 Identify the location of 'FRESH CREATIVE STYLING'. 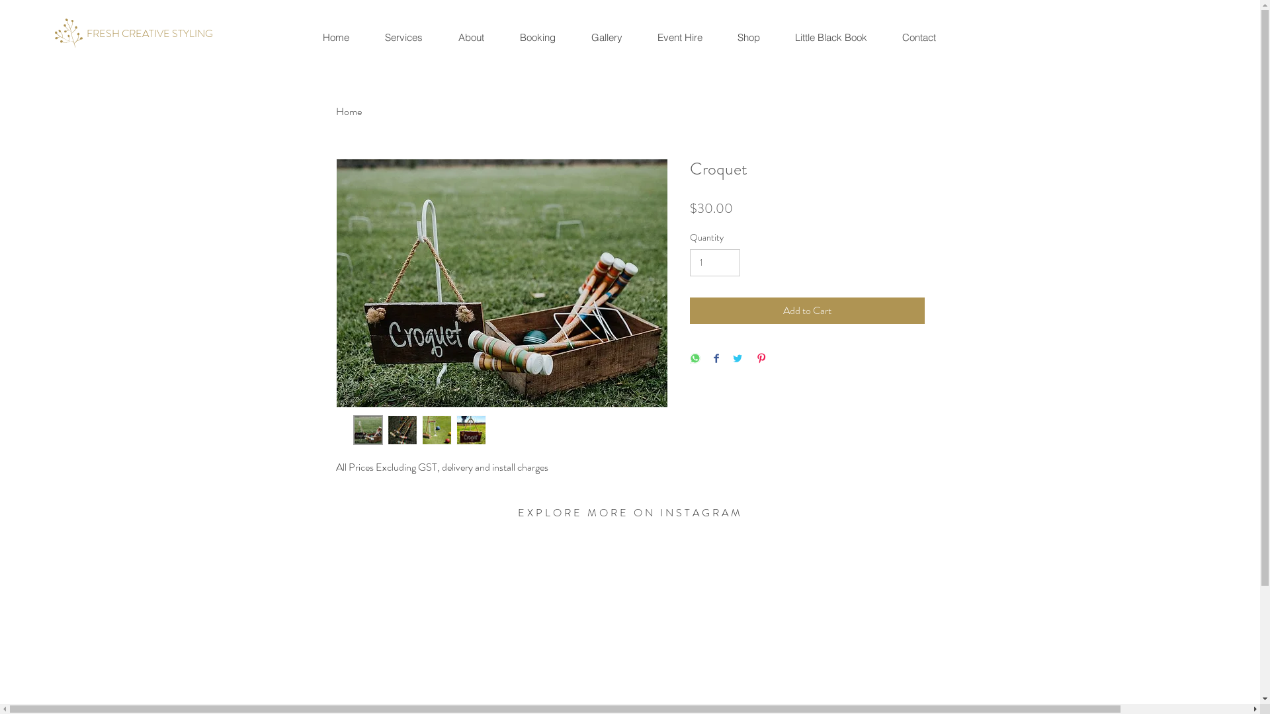
(149, 32).